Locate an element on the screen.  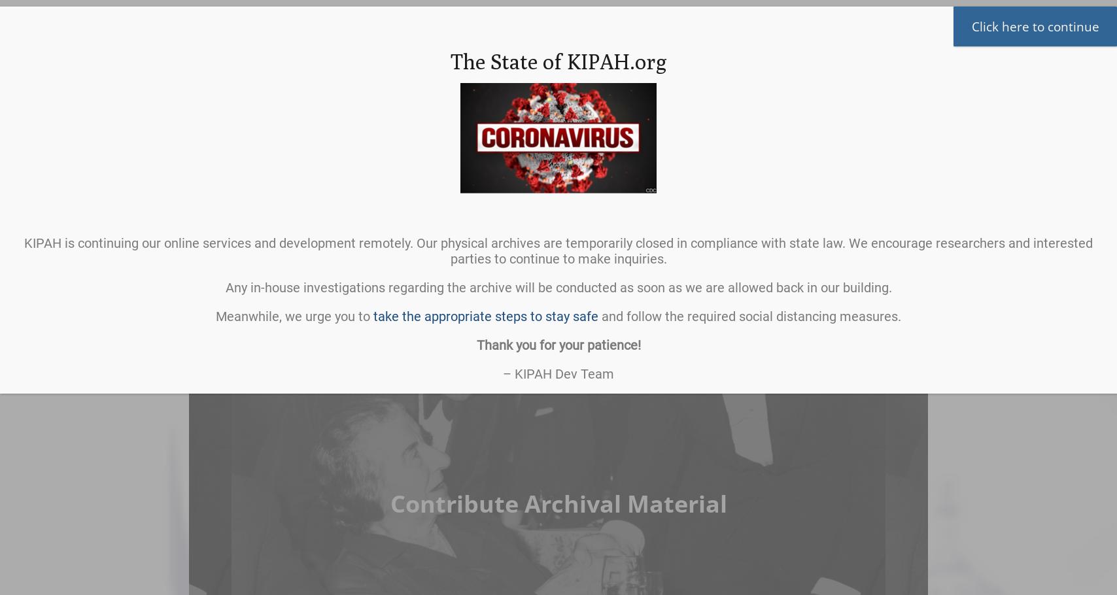
'Meanwhile, we urge you to' is located at coordinates (294, 316).